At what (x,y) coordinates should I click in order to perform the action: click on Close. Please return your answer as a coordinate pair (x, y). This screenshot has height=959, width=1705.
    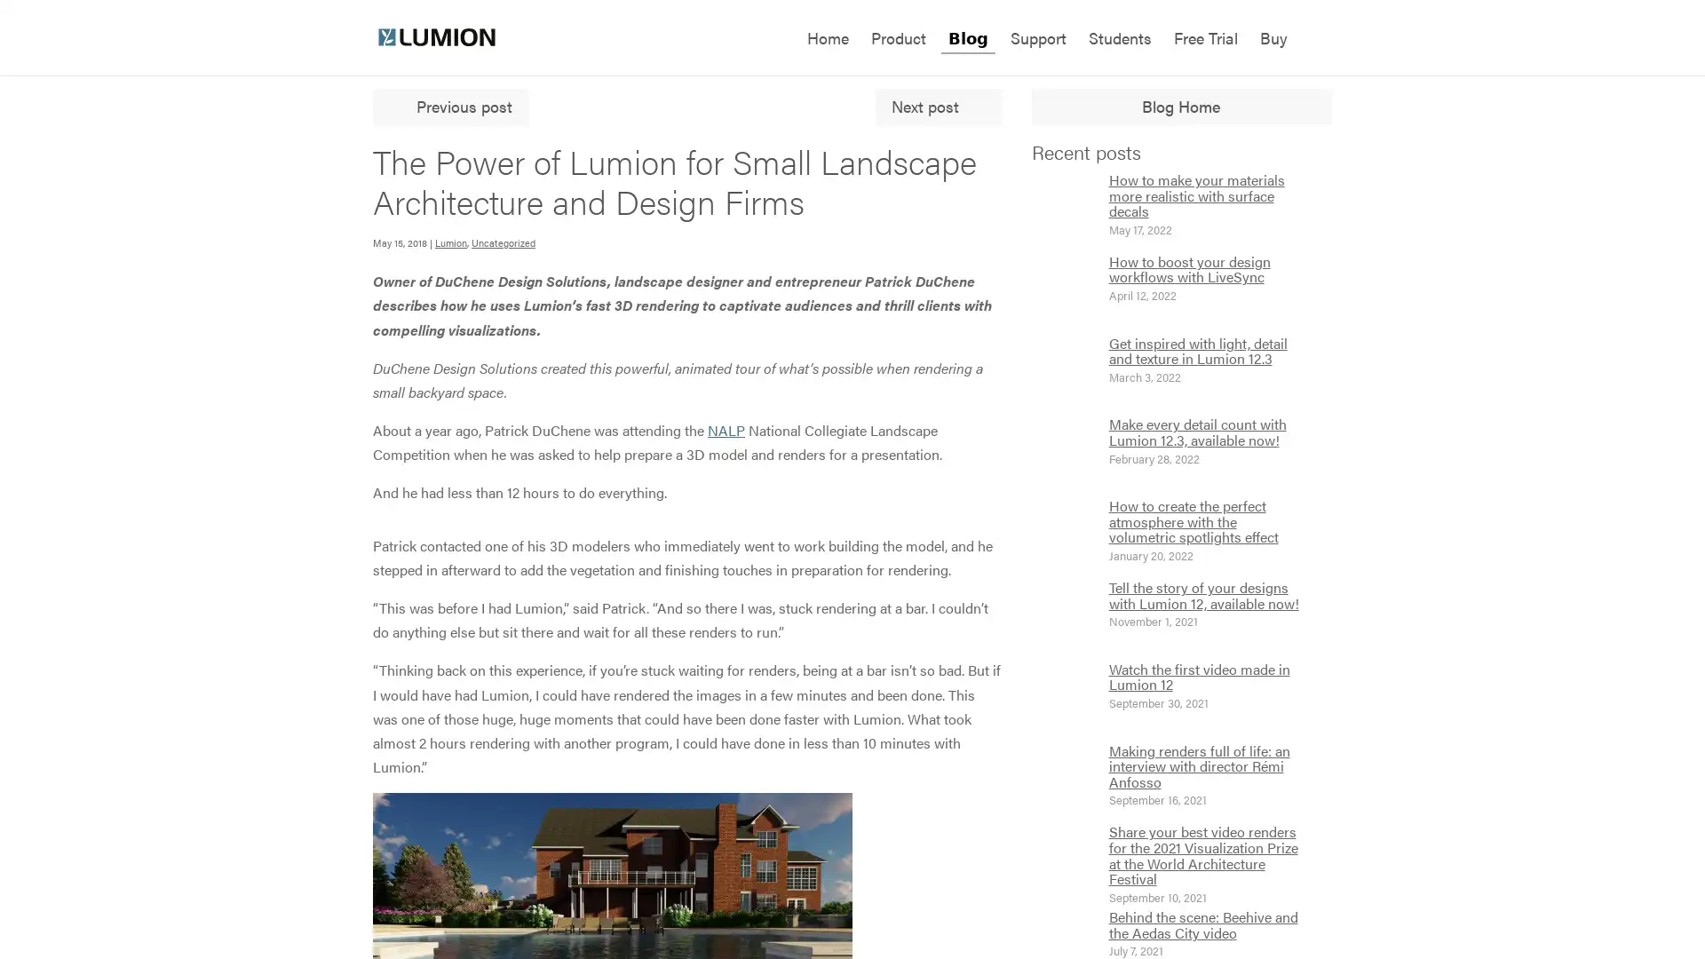
    Looking at the image, I should click on (324, 725).